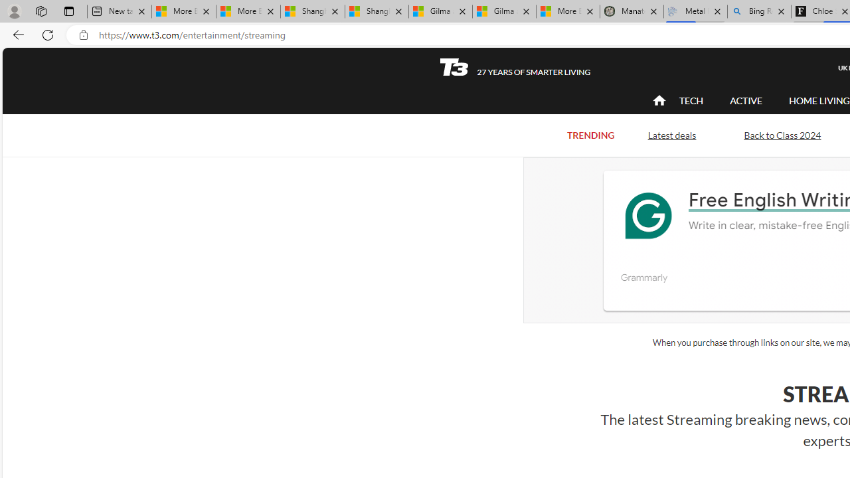 The image size is (850, 478). What do you see at coordinates (759, 11) in the screenshot?
I see `'Bing Real Estate - Home sales and rental listings'` at bounding box center [759, 11].